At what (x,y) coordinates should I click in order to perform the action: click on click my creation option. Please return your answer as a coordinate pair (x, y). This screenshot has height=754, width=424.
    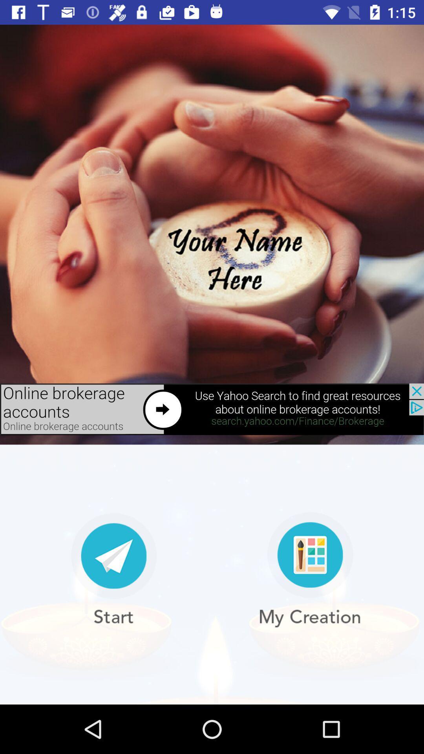
    Looking at the image, I should click on (310, 569).